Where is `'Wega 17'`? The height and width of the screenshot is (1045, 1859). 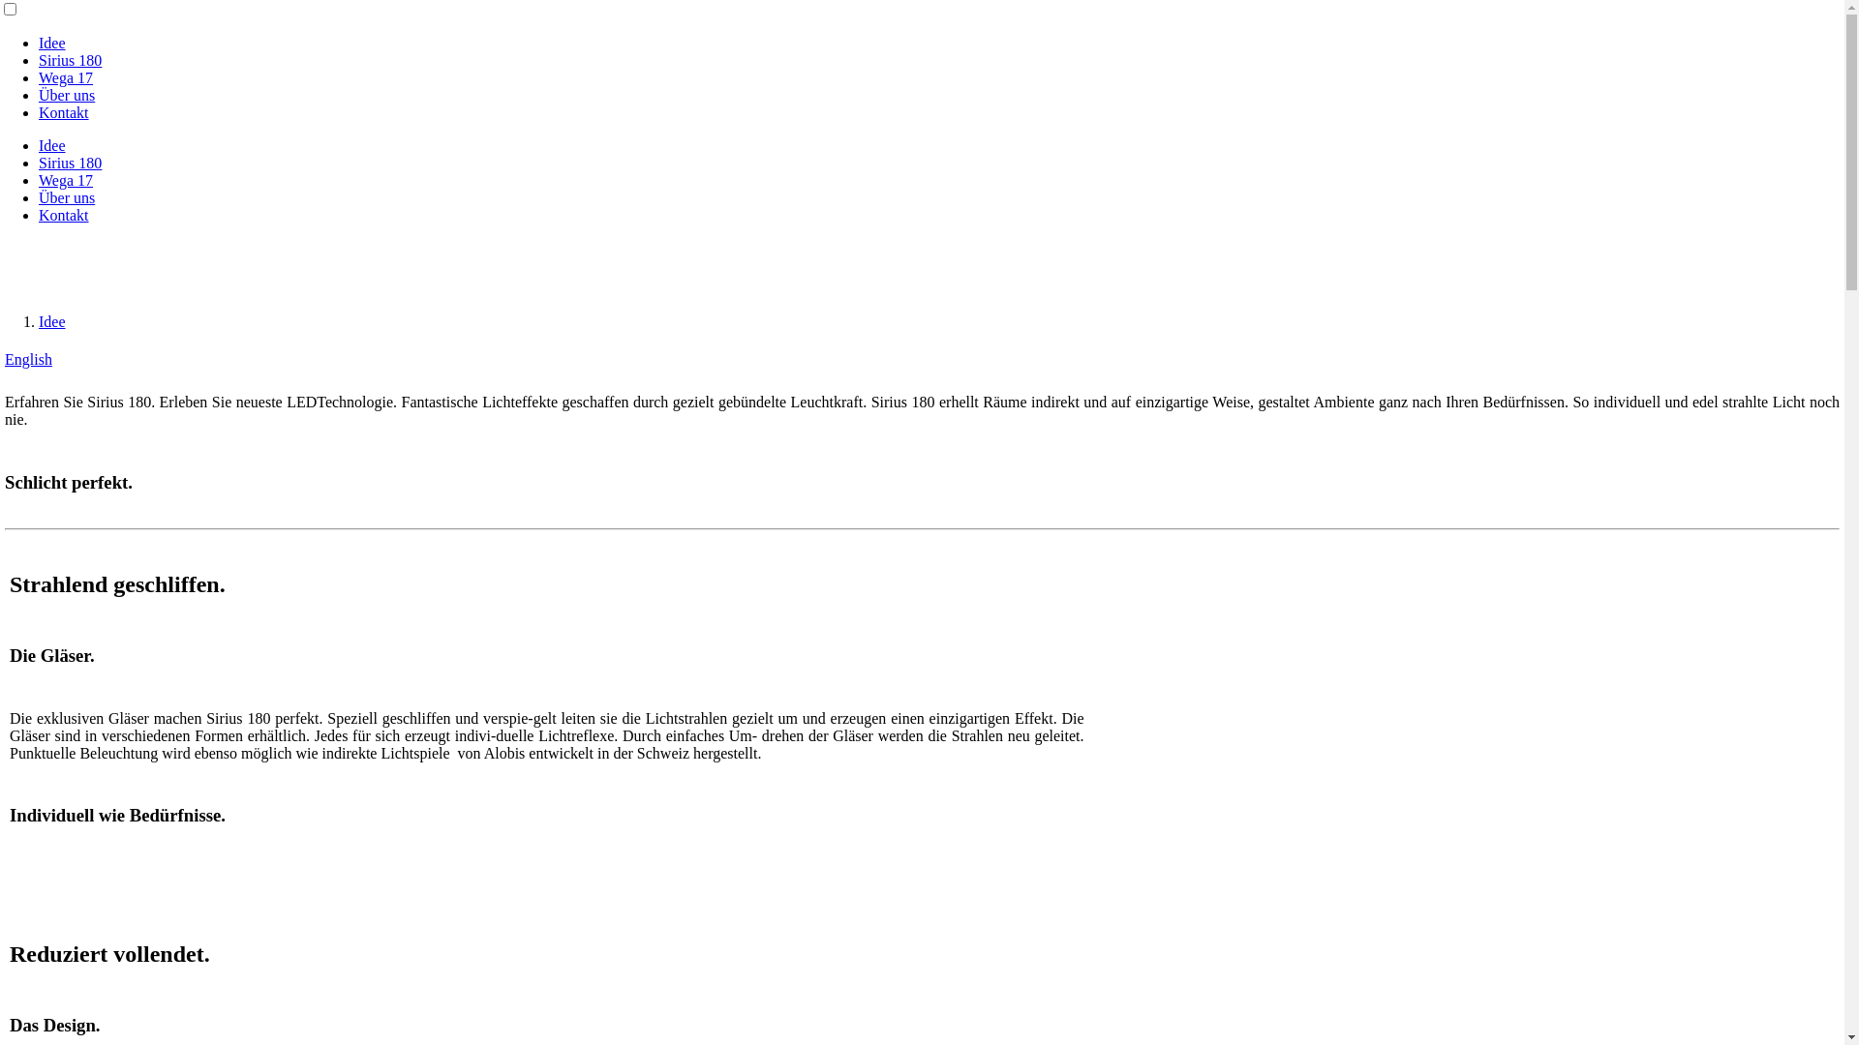
'Wega 17' is located at coordinates (38, 76).